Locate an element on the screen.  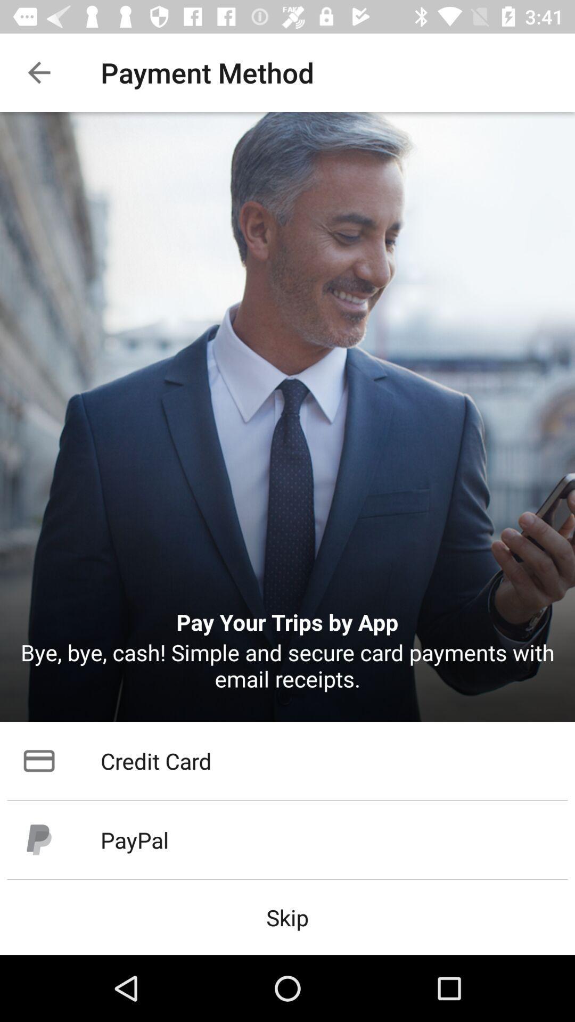
the icon above the skip is located at coordinates (287, 839).